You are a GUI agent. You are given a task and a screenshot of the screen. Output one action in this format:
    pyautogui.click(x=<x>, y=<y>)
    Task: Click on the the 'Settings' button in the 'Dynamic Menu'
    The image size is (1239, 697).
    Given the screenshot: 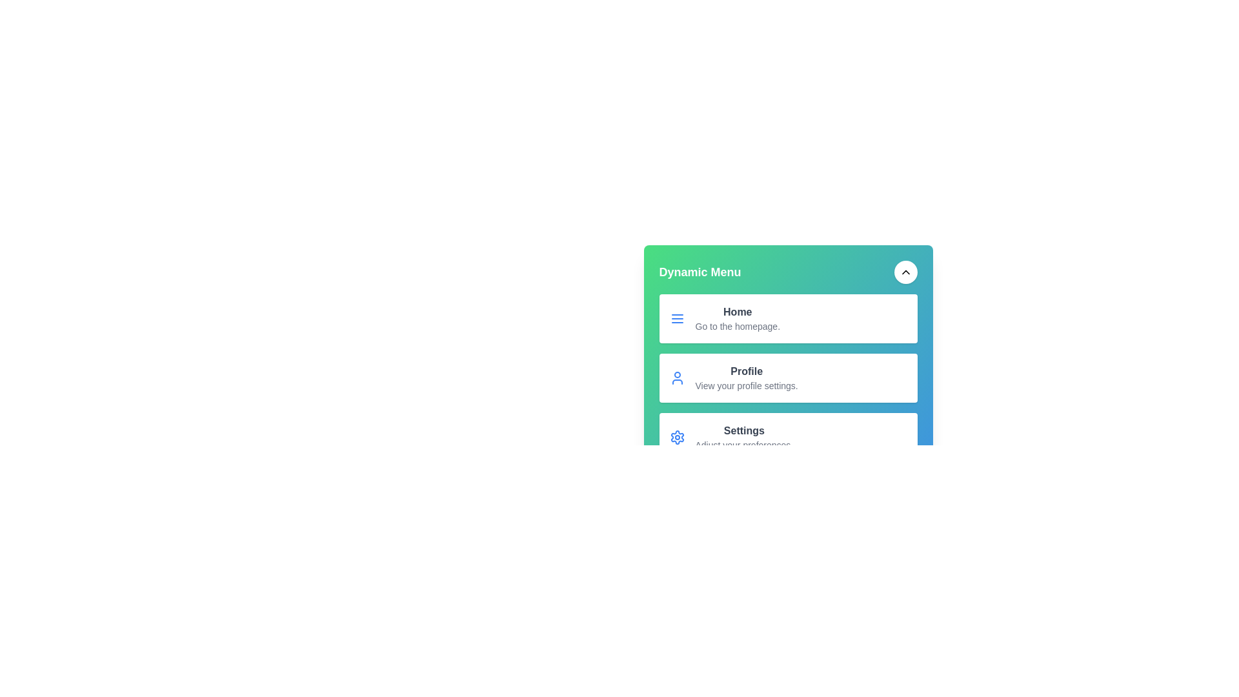 What is the action you would take?
    pyautogui.click(x=787, y=440)
    